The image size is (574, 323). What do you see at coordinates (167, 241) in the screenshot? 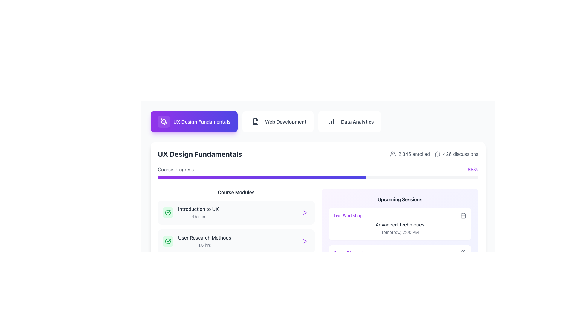
I see `the checkmark in a circle icon indicating completion within the 'User Research Methods' course module card` at bounding box center [167, 241].